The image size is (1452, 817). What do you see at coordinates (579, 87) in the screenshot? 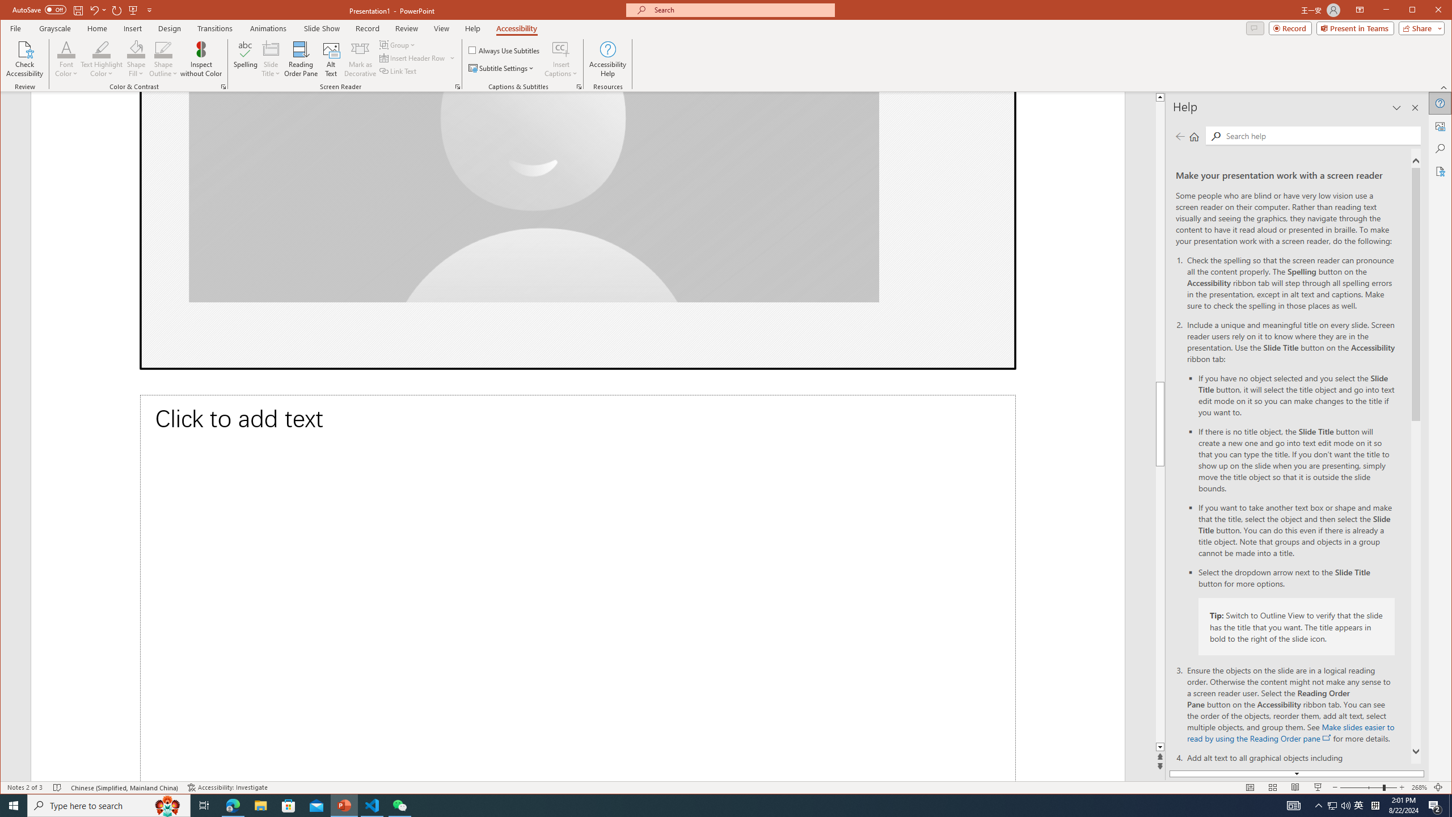
I see `'Captions & Subtitles'` at bounding box center [579, 87].